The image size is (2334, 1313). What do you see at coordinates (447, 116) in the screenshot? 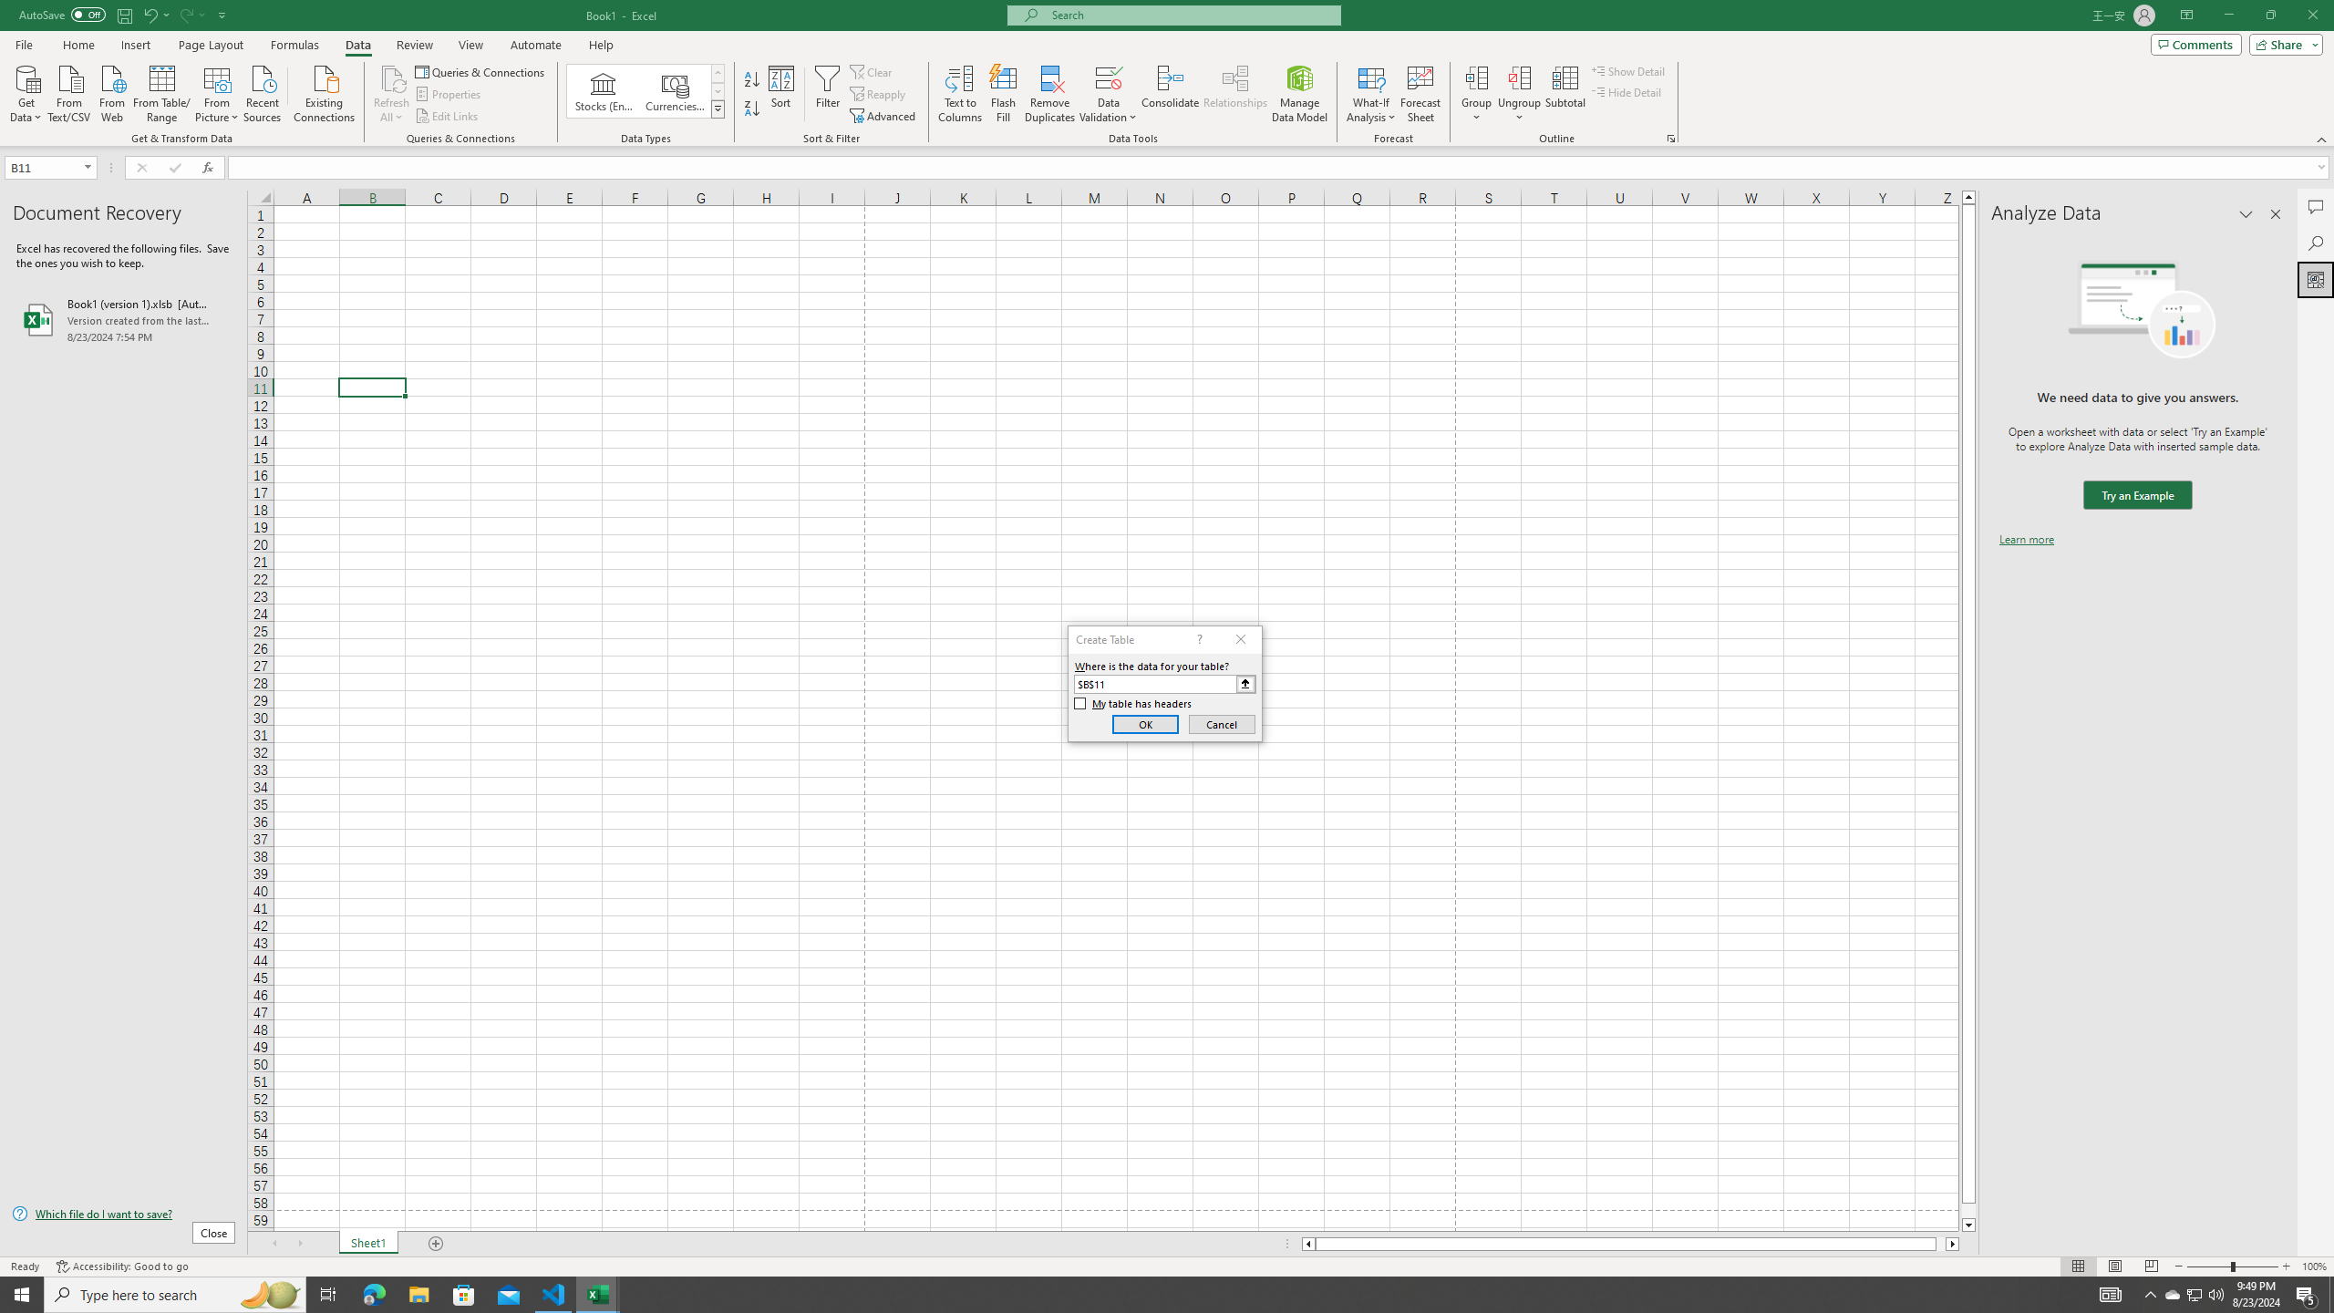
I see `'Edit Links'` at bounding box center [447, 116].